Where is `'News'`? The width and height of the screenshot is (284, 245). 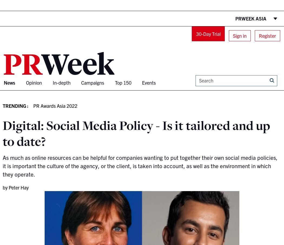 'News' is located at coordinates (4, 82).